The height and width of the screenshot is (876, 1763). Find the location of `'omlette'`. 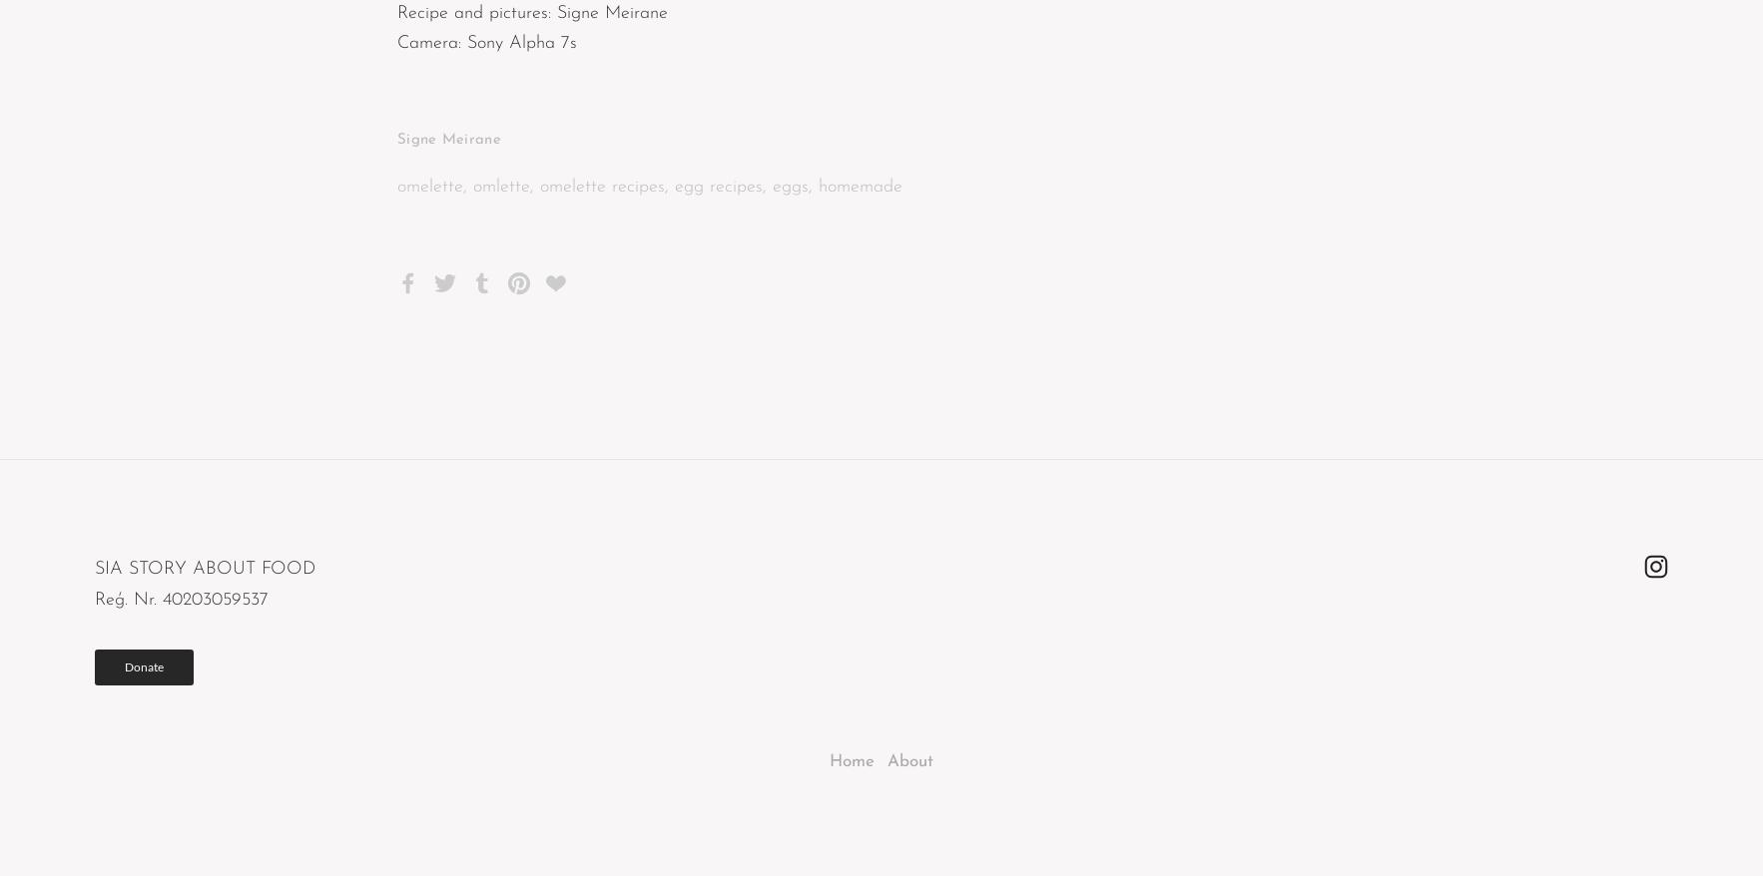

'omlette' is located at coordinates (501, 185).